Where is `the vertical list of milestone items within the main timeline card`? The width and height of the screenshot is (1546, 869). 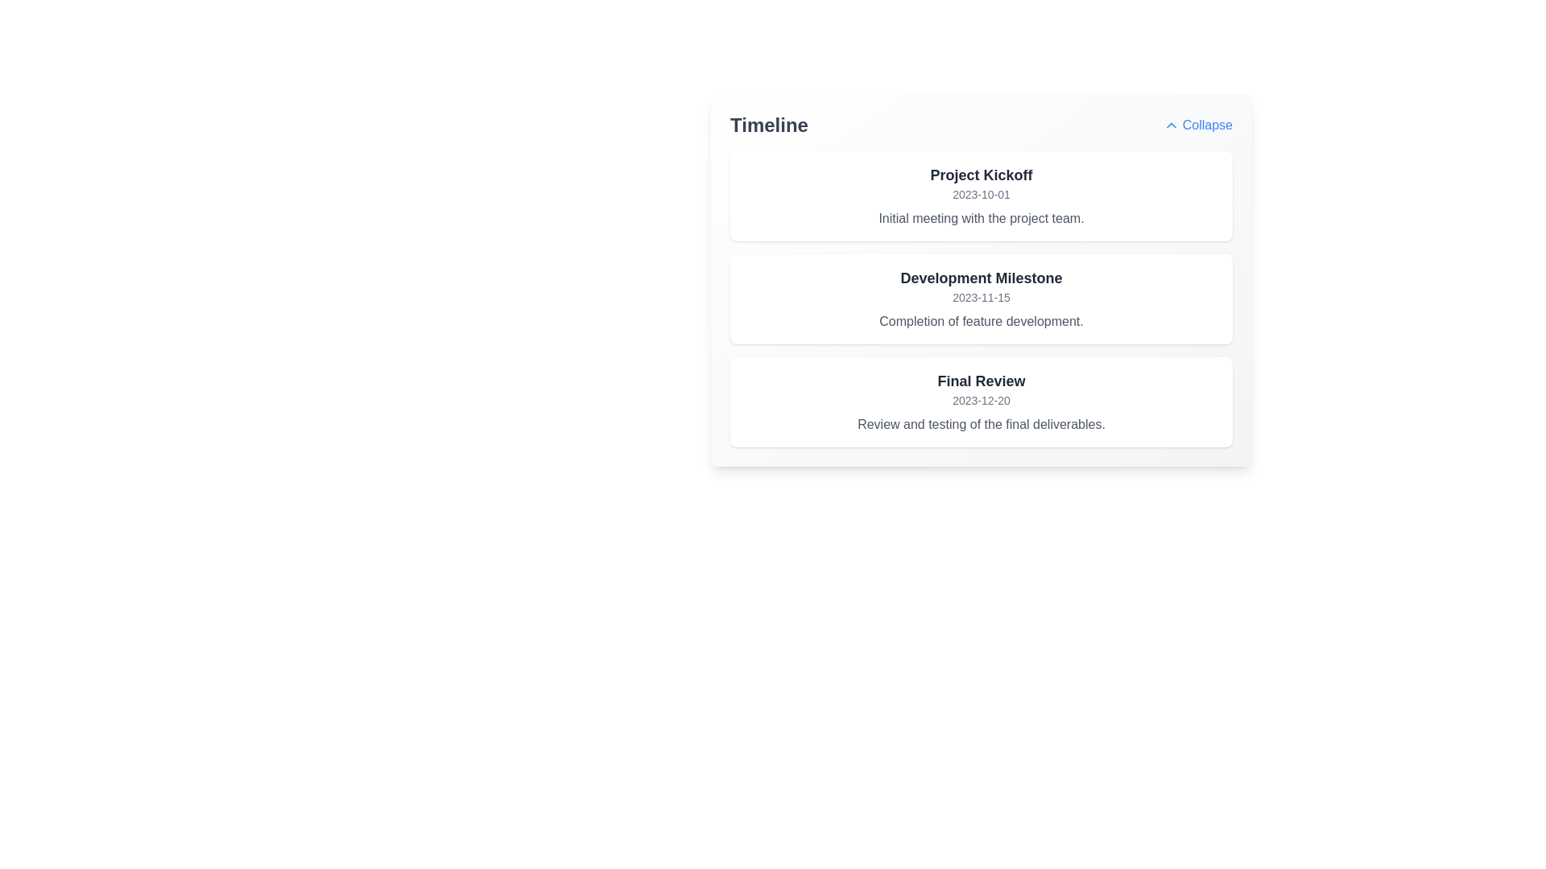
the vertical list of milestone items within the main timeline card is located at coordinates (981, 299).